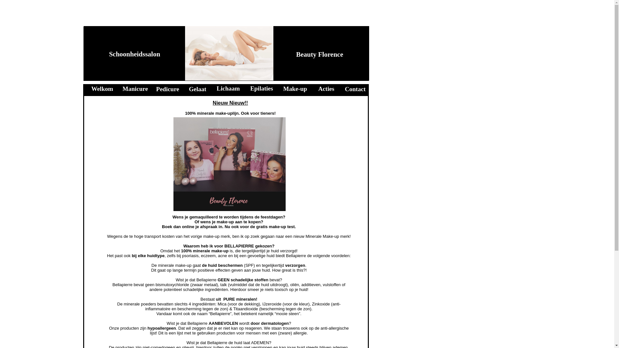  What do you see at coordinates (345, 89) in the screenshot?
I see `'Contact'` at bounding box center [345, 89].